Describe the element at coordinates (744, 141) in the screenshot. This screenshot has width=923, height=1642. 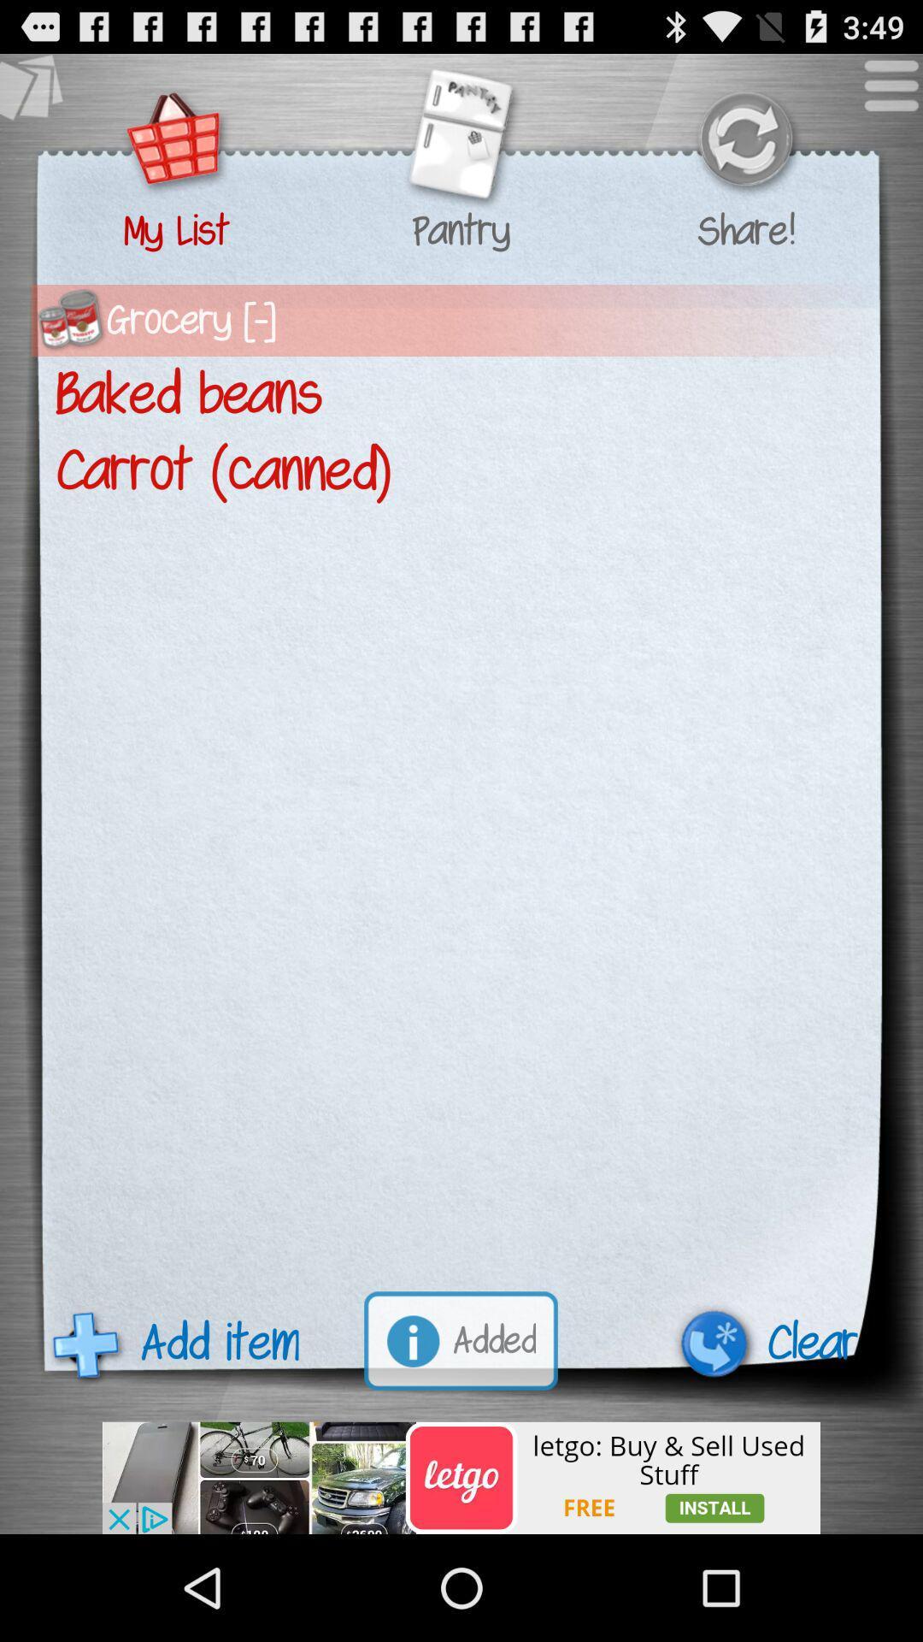
I see `refresh` at that location.